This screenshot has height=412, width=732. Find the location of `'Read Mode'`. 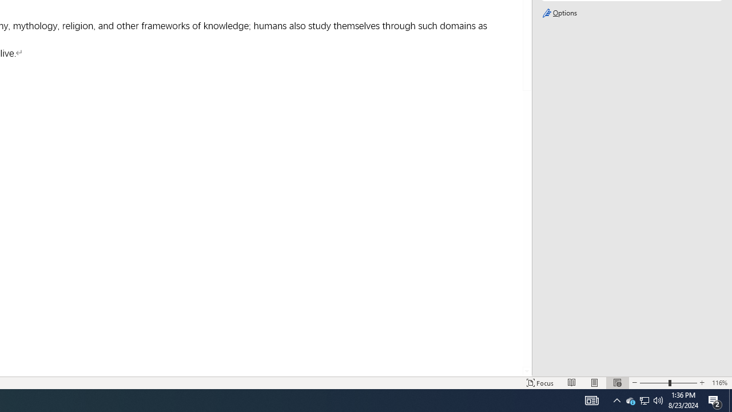

'Read Mode' is located at coordinates (572, 383).